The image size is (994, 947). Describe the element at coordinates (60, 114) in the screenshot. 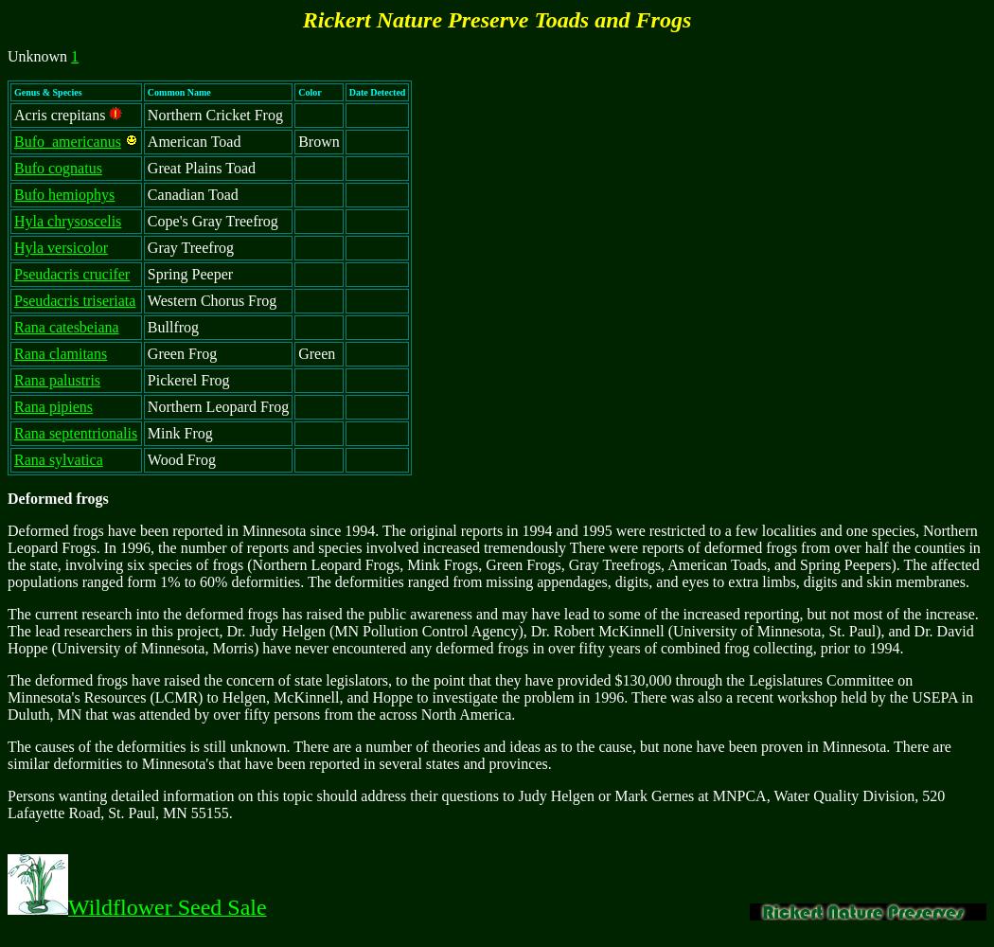

I see `'Acris crepitans'` at that location.